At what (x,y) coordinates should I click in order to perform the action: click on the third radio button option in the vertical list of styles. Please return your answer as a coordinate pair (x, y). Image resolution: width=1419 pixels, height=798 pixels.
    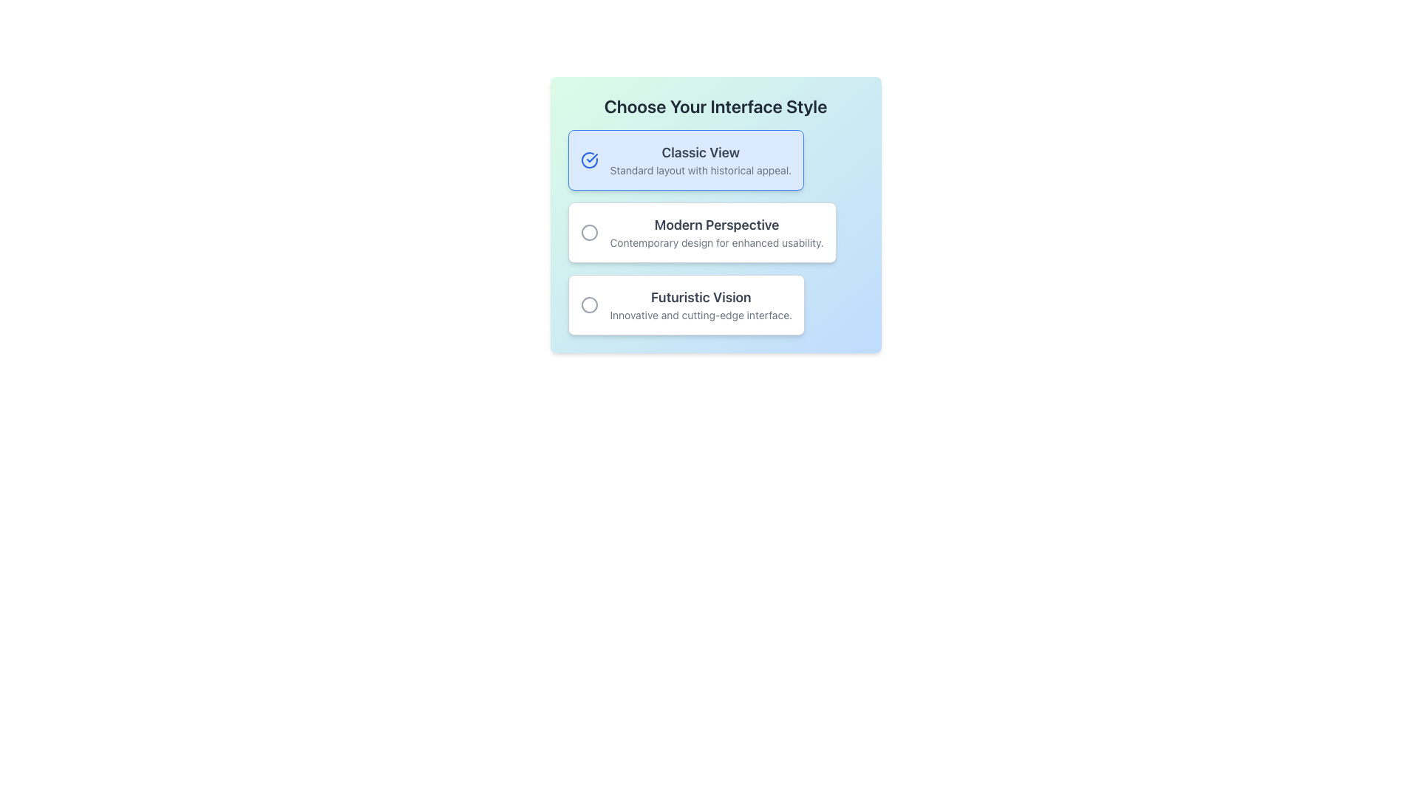
    Looking at the image, I should click on (685, 304).